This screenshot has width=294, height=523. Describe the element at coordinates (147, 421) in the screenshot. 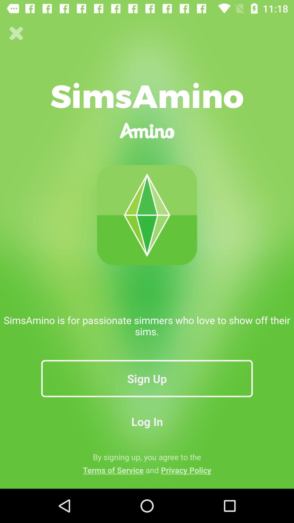

I see `icon above by signing up app` at that location.